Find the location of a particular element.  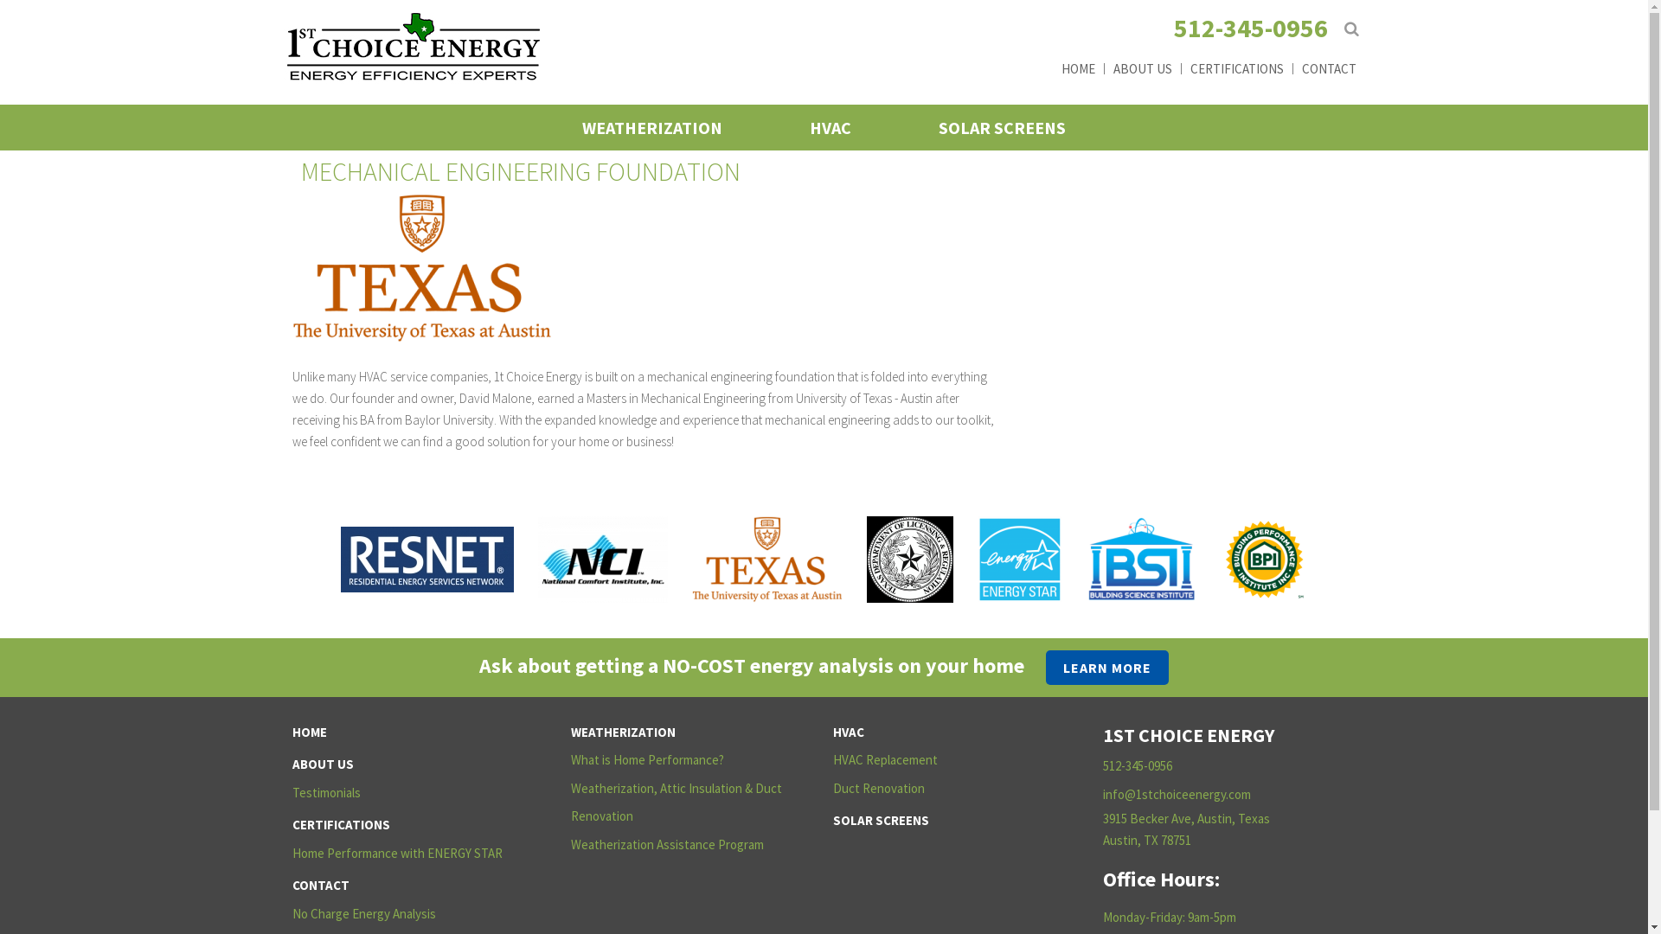

'HVAC Replacement' is located at coordinates (949, 759).